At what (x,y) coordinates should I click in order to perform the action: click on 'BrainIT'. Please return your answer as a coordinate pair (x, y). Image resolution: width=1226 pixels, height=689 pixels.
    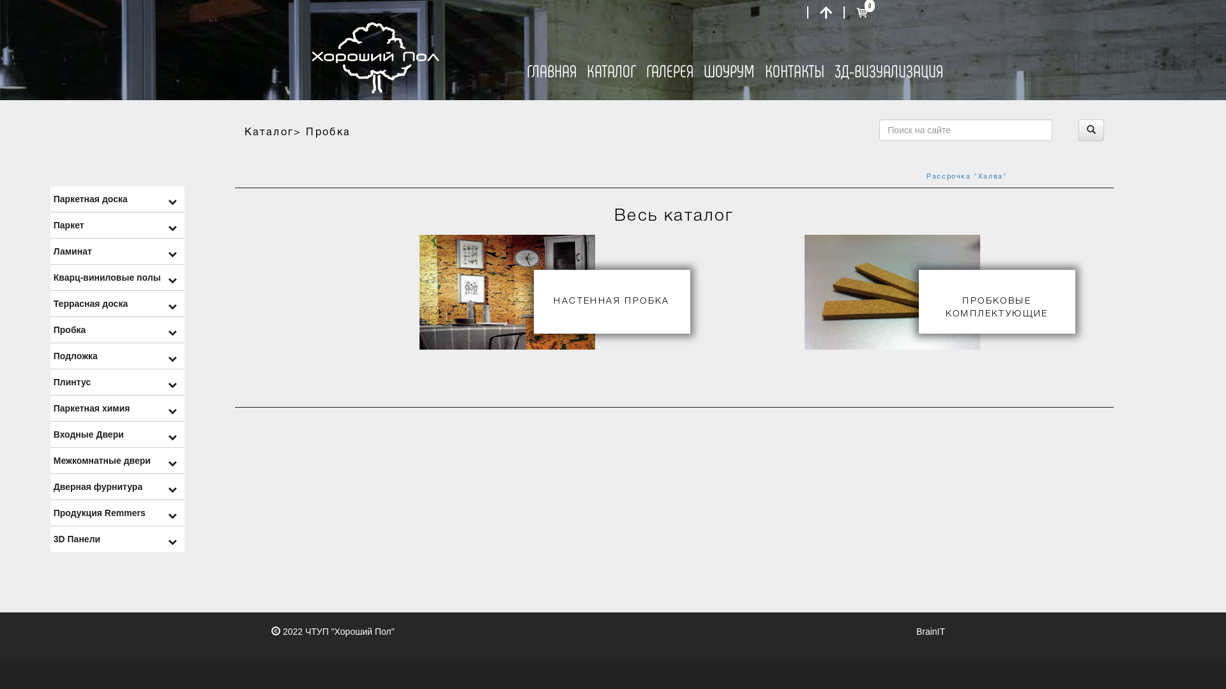
    Looking at the image, I should click on (930, 632).